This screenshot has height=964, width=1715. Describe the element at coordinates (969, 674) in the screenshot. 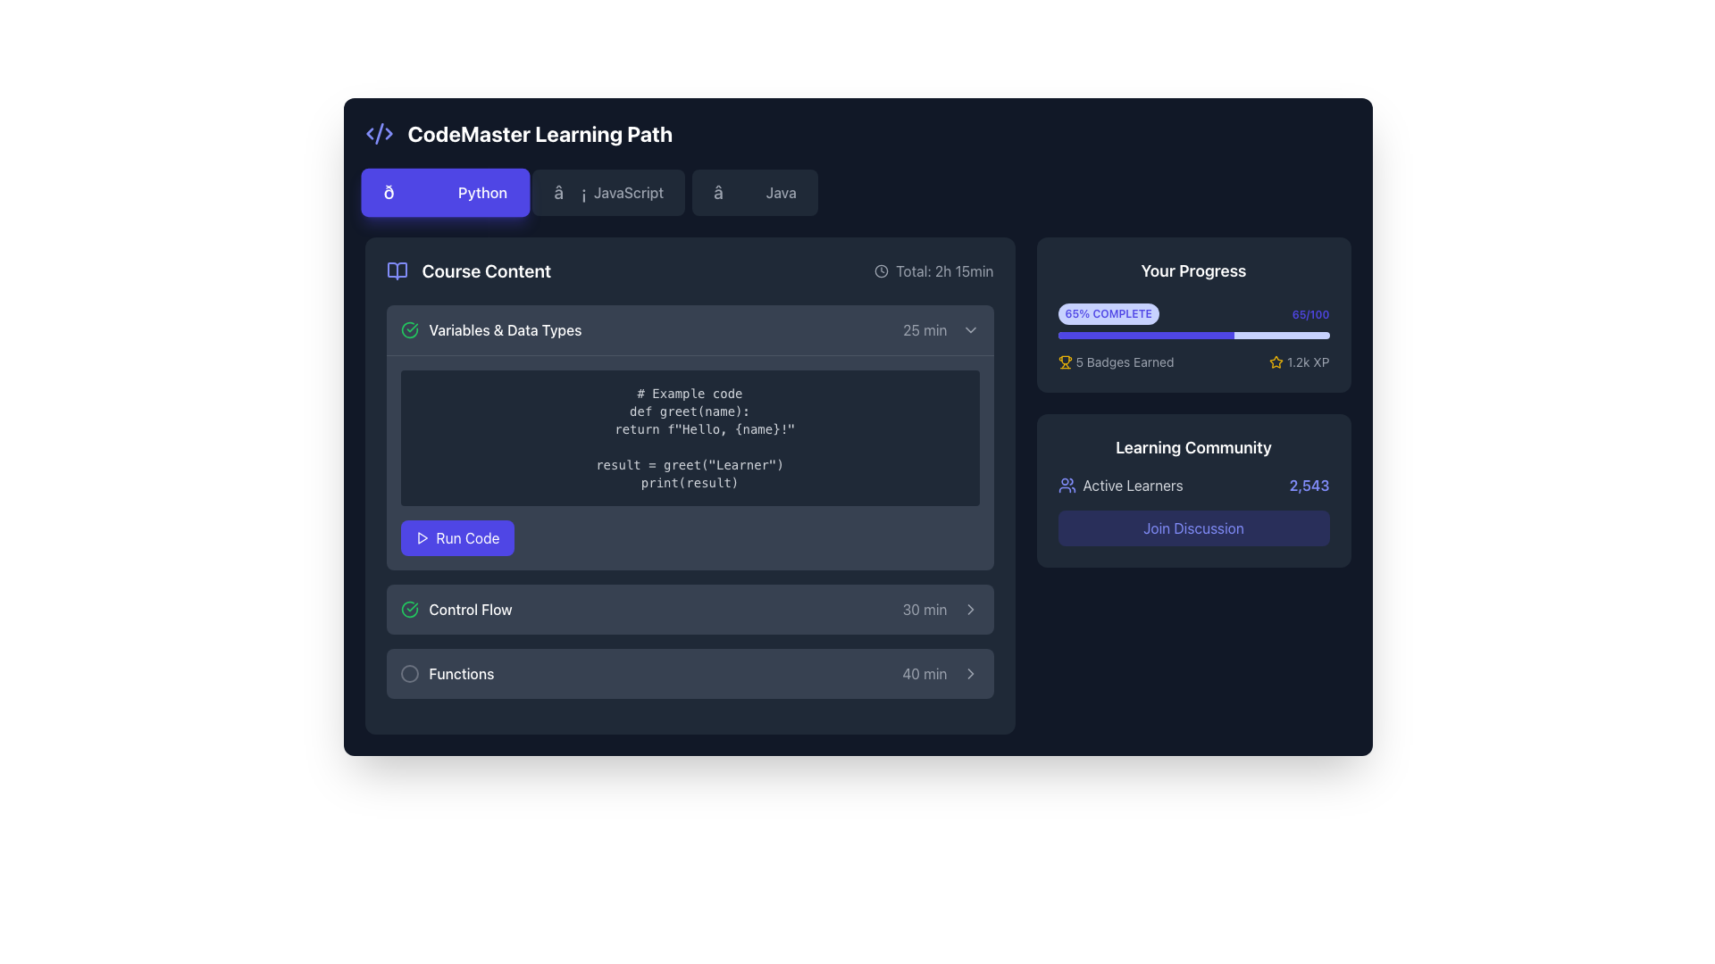

I see `the chevron arrow icon located at the far-right edge of the 'Functions' module` at that location.